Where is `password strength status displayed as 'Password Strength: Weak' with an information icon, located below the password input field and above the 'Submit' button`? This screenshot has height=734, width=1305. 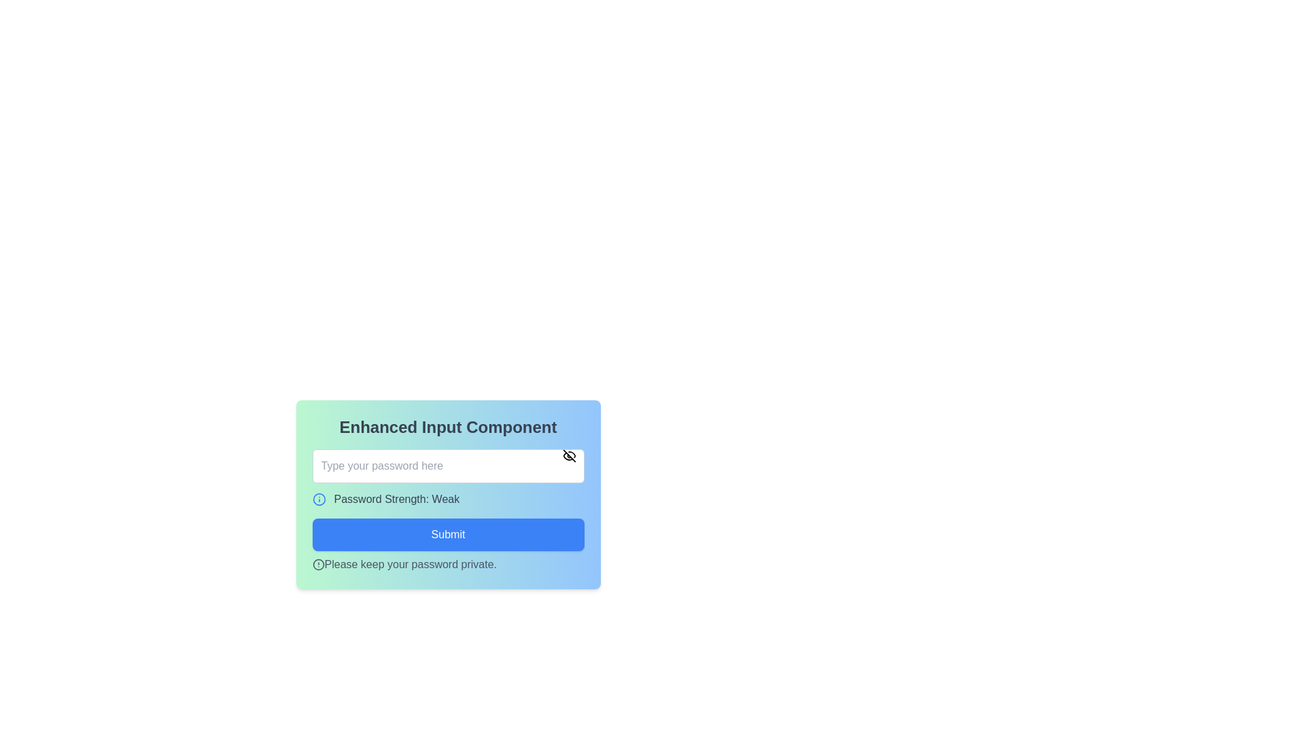
password strength status displayed as 'Password Strength: Weak' with an information icon, located below the password input field and above the 'Submit' button is located at coordinates (448, 500).